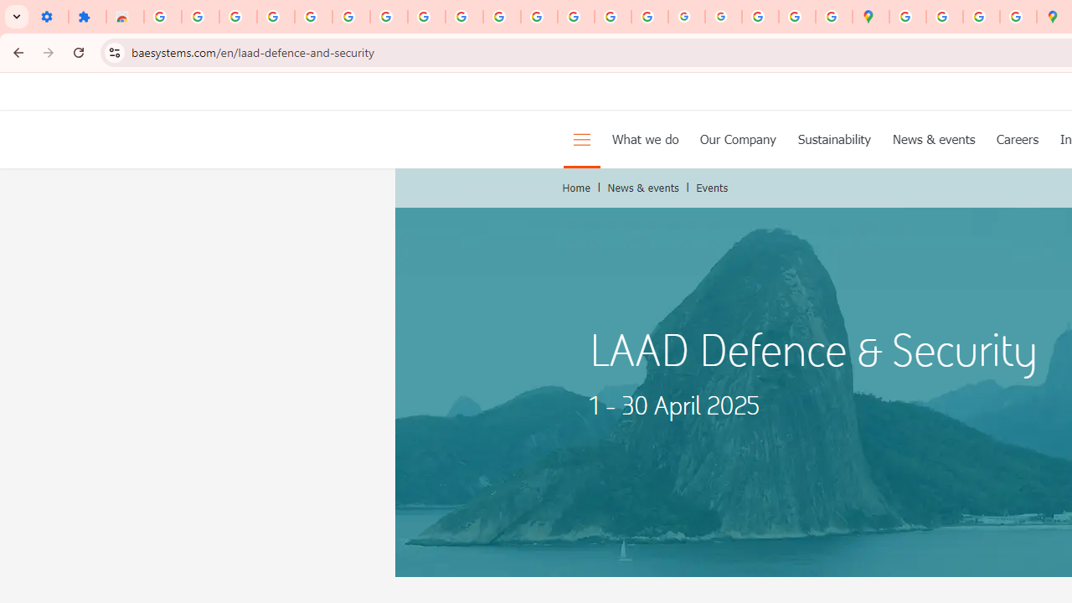  I want to click on 'https://scholar.google.com/', so click(539, 17).